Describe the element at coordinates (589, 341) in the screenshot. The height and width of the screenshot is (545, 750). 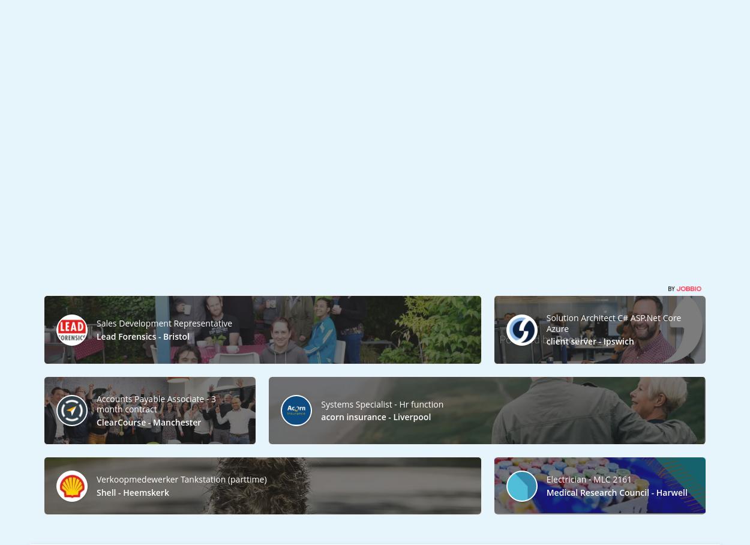
I see `'client server - Ipswich'` at that location.